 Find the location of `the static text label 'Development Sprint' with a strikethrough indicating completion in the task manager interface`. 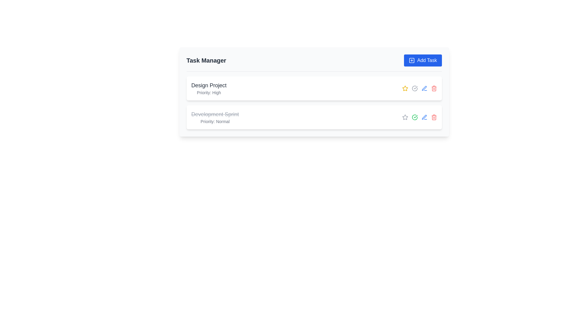

the static text label 'Development Sprint' with a strikethrough indicating completion in the task manager interface is located at coordinates (215, 114).